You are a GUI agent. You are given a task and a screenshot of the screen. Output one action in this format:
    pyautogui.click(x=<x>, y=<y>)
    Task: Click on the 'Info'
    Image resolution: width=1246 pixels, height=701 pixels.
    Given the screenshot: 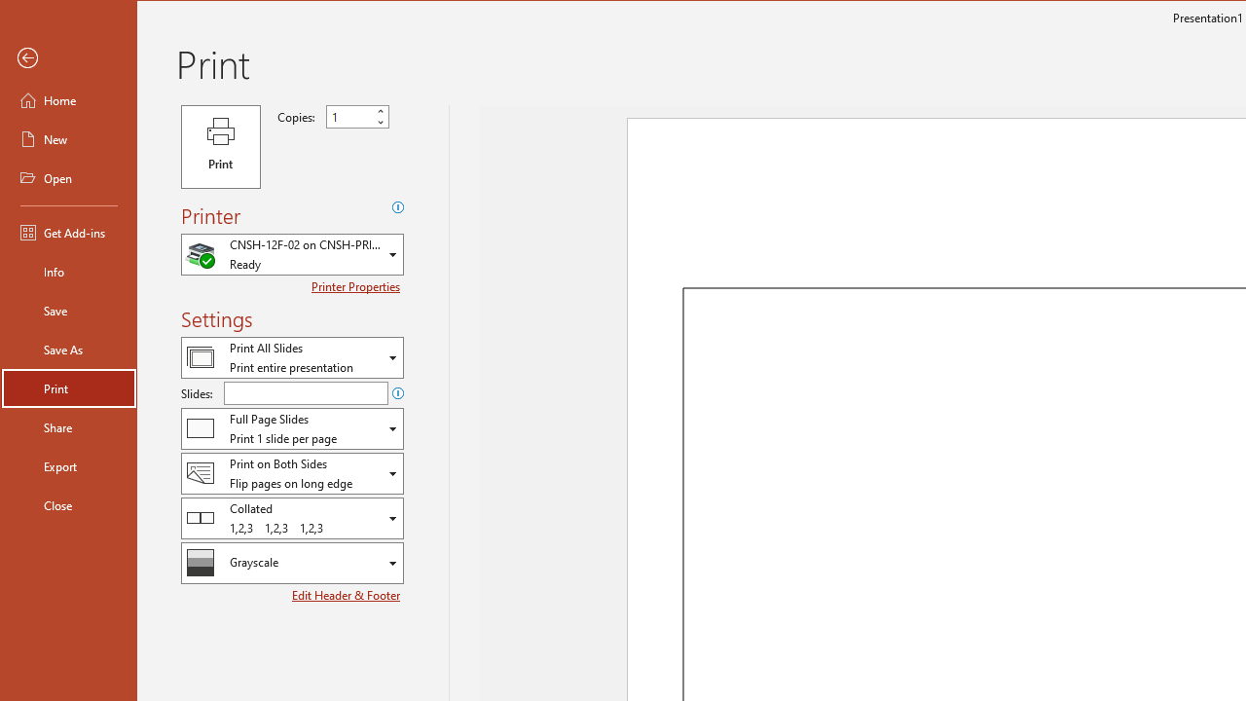 What is the action you would take?
    pyautogui.click(x=69, y=272)
    